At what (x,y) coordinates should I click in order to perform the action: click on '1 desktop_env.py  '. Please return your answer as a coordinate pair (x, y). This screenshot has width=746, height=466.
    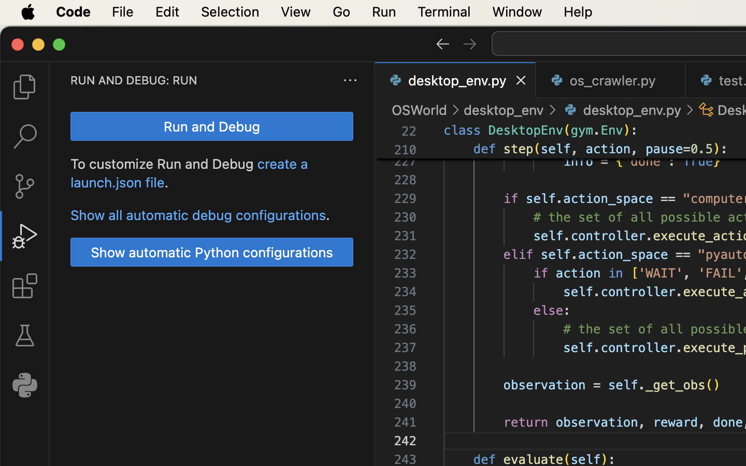
    Looking at the image, I should click on (455, 80).